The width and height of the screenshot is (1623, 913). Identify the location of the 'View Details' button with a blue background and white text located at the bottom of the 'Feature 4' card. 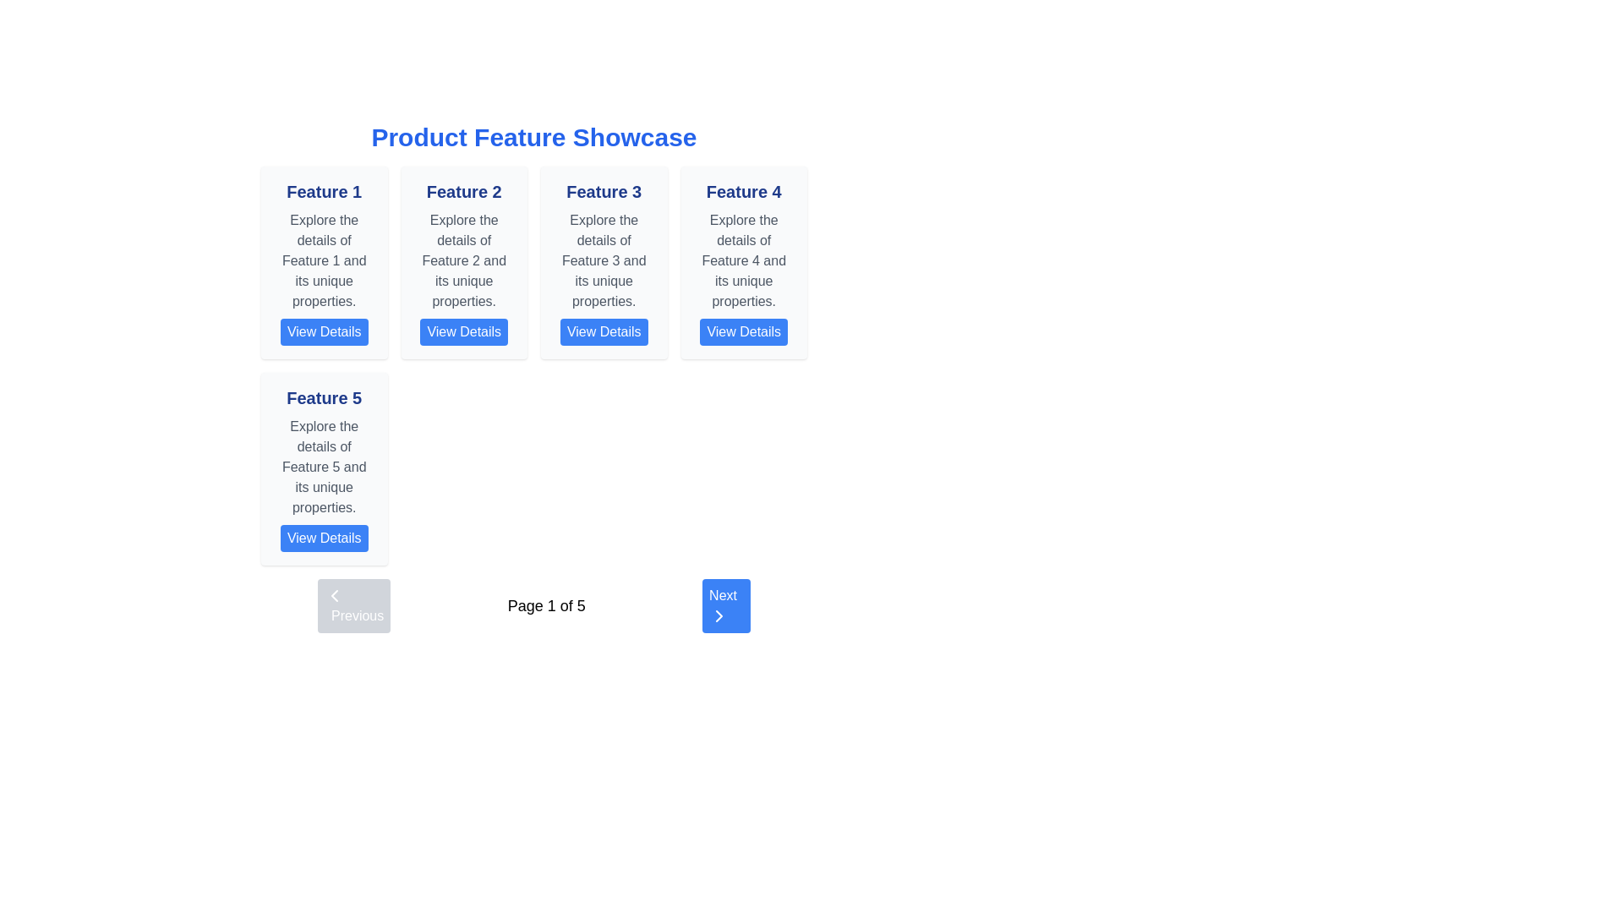
(744, 332).